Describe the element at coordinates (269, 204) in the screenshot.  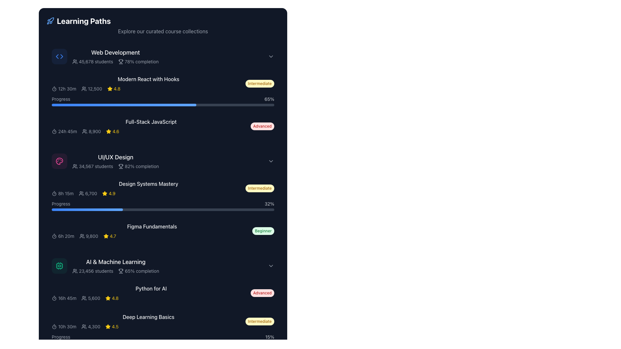
I see `displayed percentage from the text label located at the far right of the progress indicator bar in the 'Progress' section of the 'Design Systems Mastery' card` at that location.